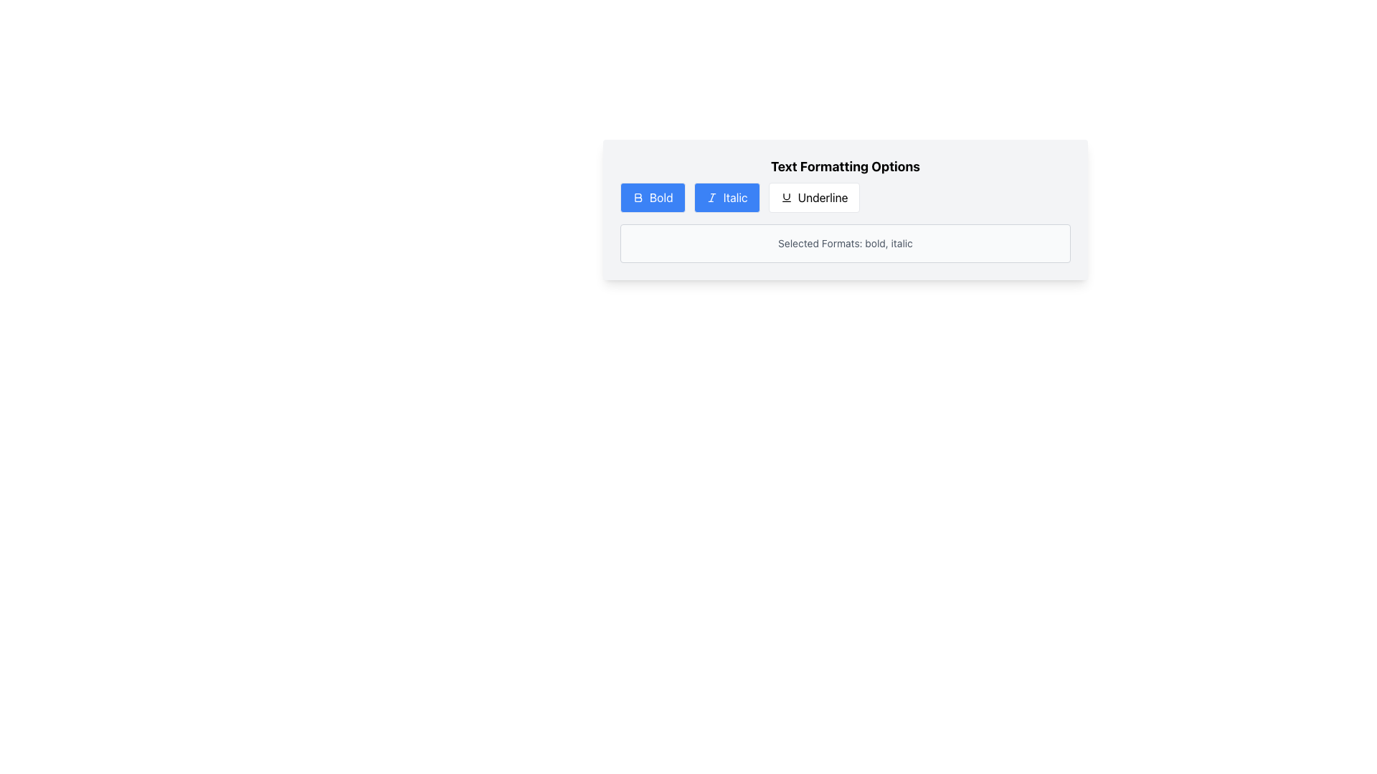 The height and width of the screenshot is (774, 1377). I want to click on the 'Bold' button, which is a rectangular button with a blue background and white text, so click(652, 198).